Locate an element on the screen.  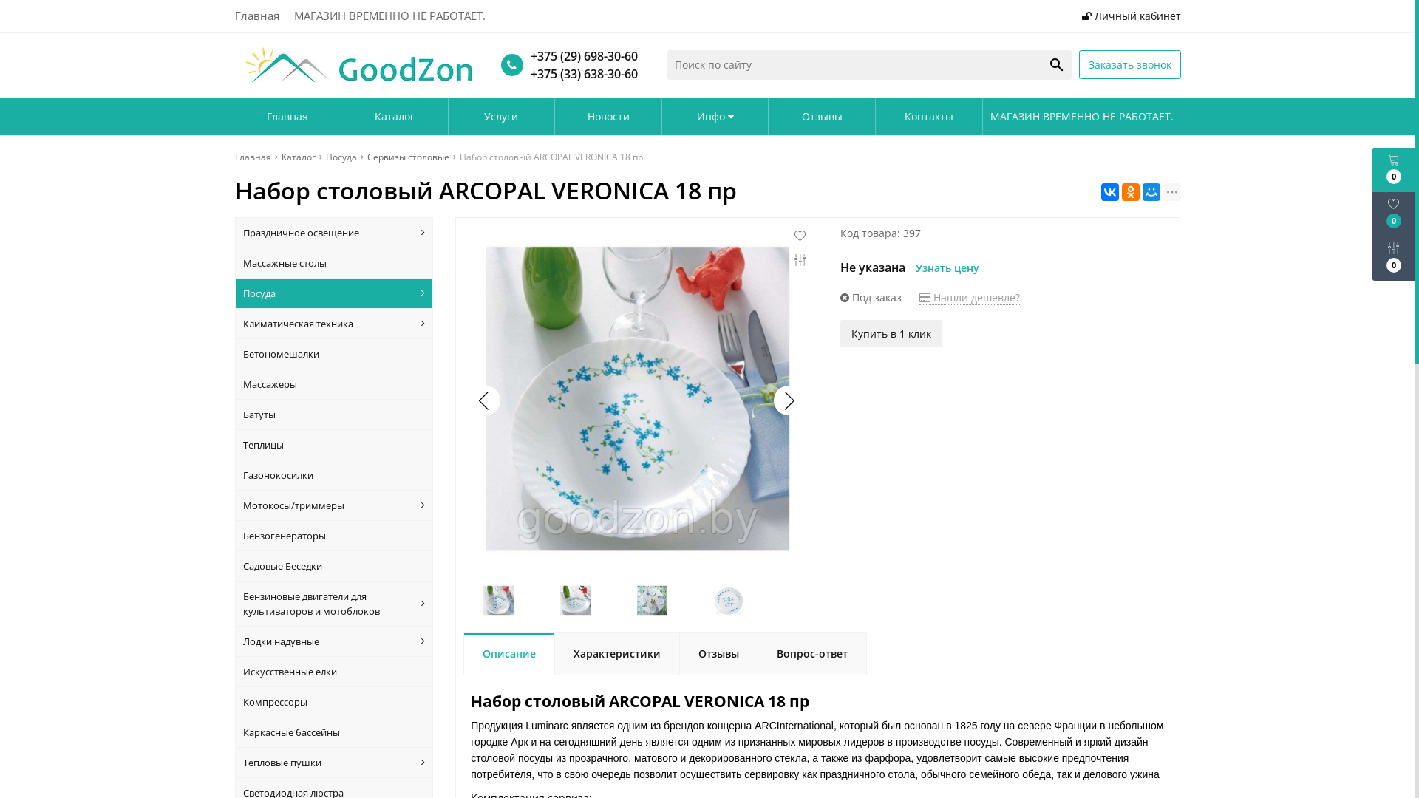
'0' is located at coordinates (1393, 168).